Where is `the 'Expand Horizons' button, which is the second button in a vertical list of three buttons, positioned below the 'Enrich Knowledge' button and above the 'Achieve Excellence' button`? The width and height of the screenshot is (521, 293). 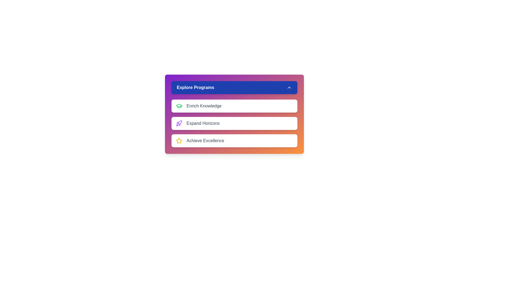 the 'Expand Horizons' button, which is the second button in a vertical list of three buttons, positioned below the 'Enrich Knowledge' button and above the 'Achieve Excellence' button is located at coordinates (234, 123).